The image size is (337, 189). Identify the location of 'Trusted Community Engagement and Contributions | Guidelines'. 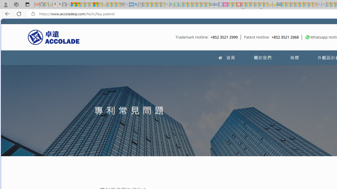
(243, 4).